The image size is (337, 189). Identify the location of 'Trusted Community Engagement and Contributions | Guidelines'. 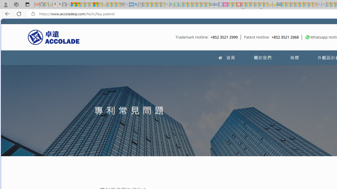
(243, 4).